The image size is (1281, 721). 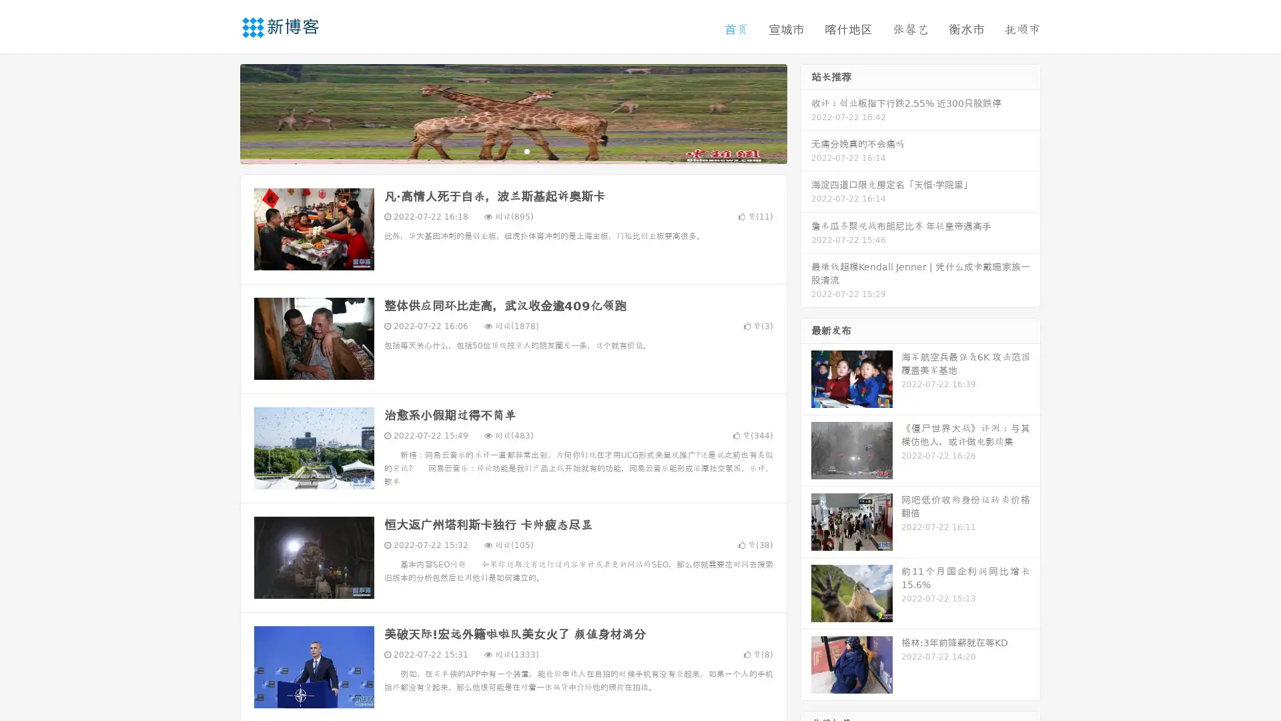 I want to click on Go to slide 1, so click(x=499, y=150).